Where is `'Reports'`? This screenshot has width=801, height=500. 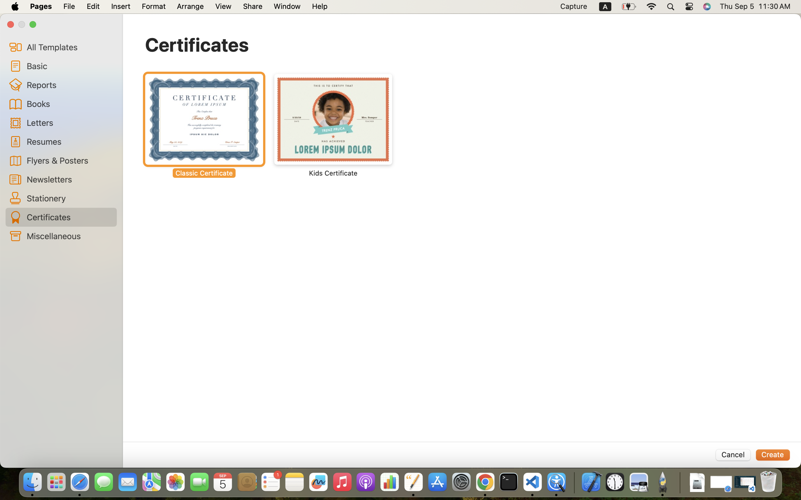 'Reports' is located at coordinates (69, 84).